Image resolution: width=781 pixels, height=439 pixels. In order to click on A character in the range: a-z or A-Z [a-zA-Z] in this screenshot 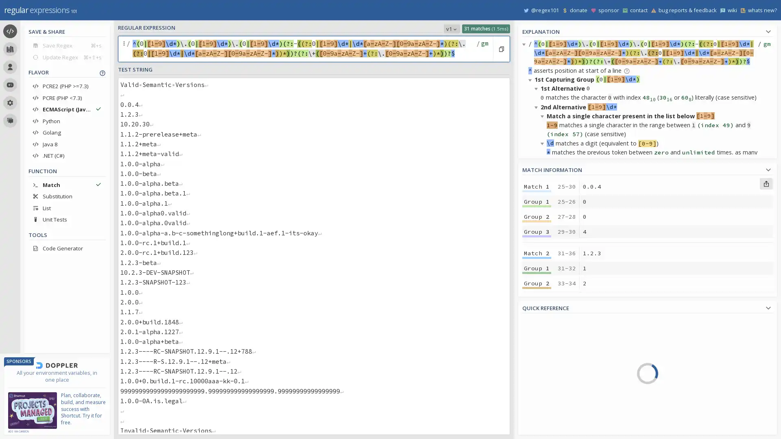, I will do `click(688, 368)`.